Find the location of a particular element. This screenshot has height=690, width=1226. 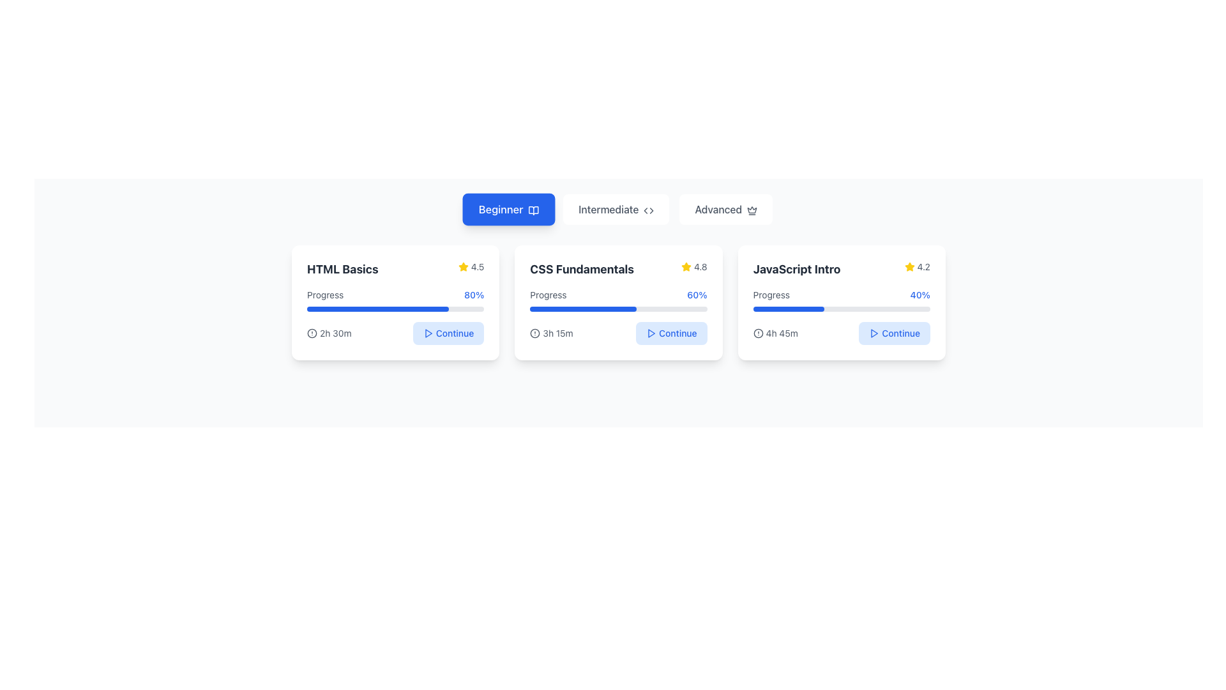

the filled portion of the progress bar representing 60% completion of the 'CSS Fundamentals' course within the second progress bar of the displayed cards is located at coordinates (582, 309).